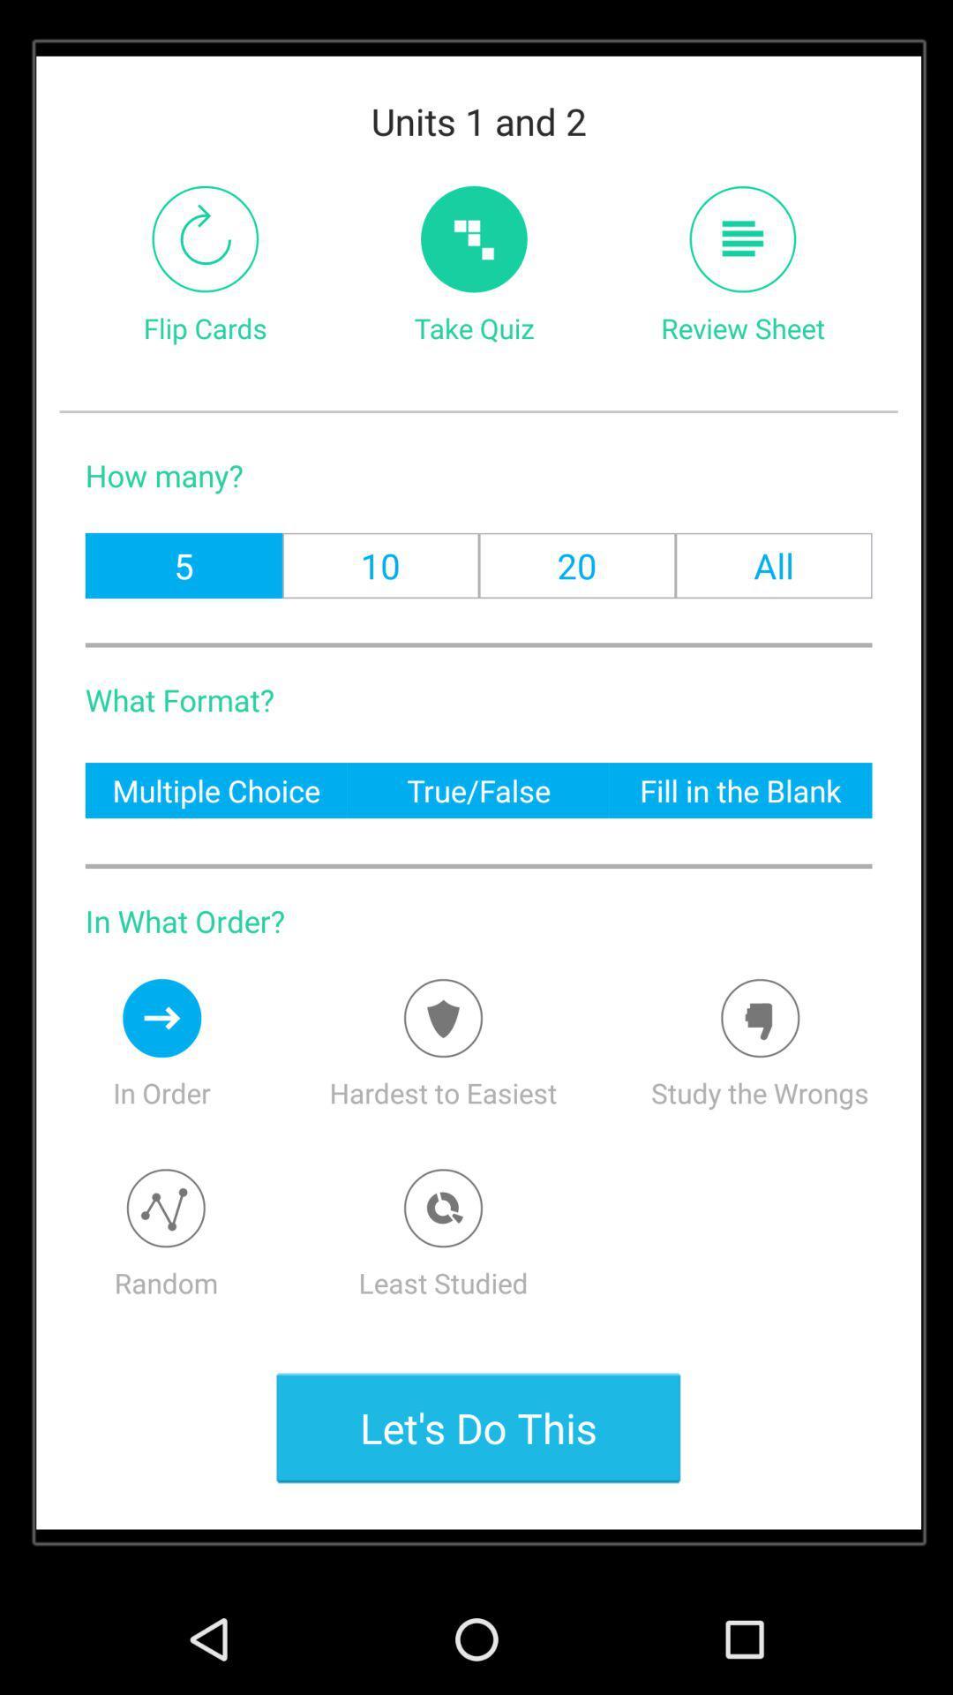  What do you see at coordinates (577, 565) in the screenshot?
I see `20 icon` at bounding box center [577, 565].